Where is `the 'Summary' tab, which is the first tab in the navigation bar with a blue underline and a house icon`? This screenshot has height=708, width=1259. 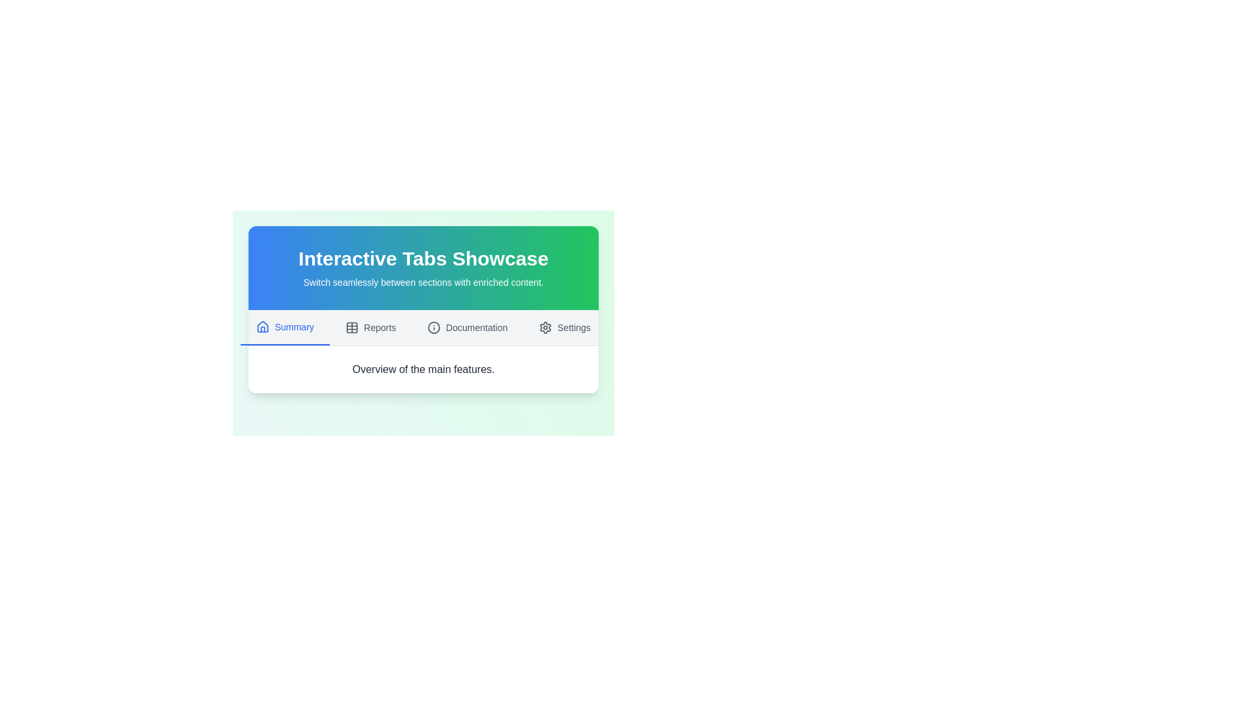 the 'Summary' tab, which is the first tab in the navigation bar with a blue underline and a house icon is located at coordinates (285, 327).